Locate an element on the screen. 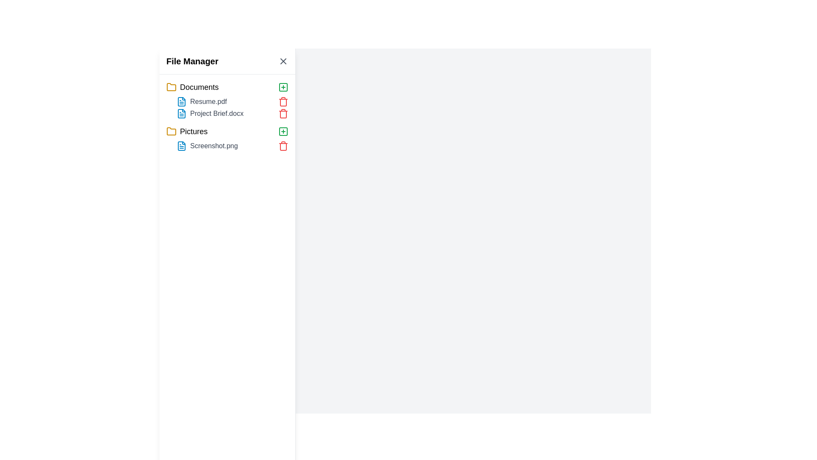 Image resolution: width=817 pixels, height=460 pixels. the 'Documents' text label adjacent to the yellow folder icon in the File Manager section is located at coordinates (199, 87).